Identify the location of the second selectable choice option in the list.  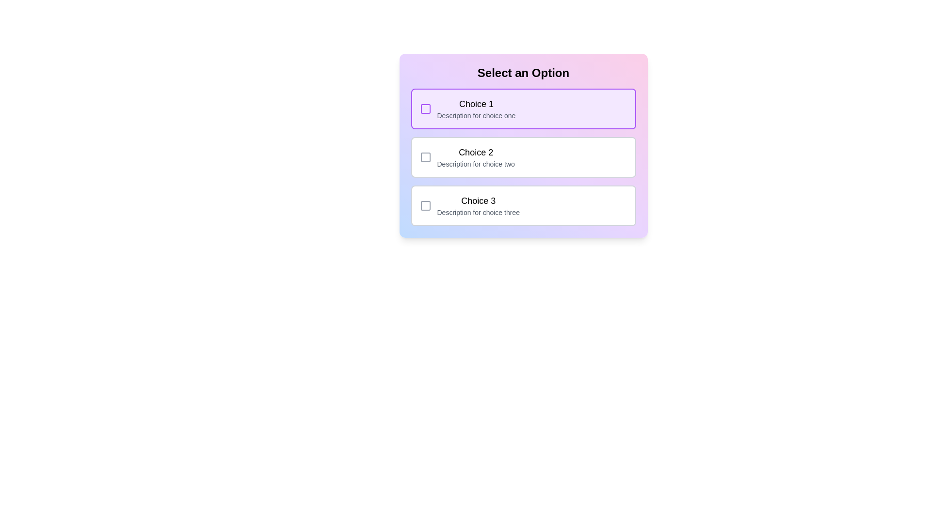
(523, 156).